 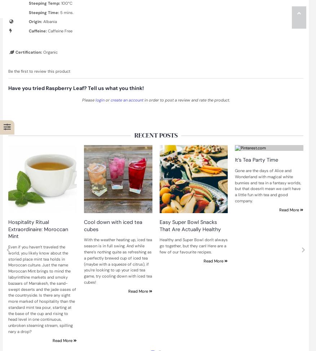 I want to click on 'Caffeine Free', so click(x=59, y=31).